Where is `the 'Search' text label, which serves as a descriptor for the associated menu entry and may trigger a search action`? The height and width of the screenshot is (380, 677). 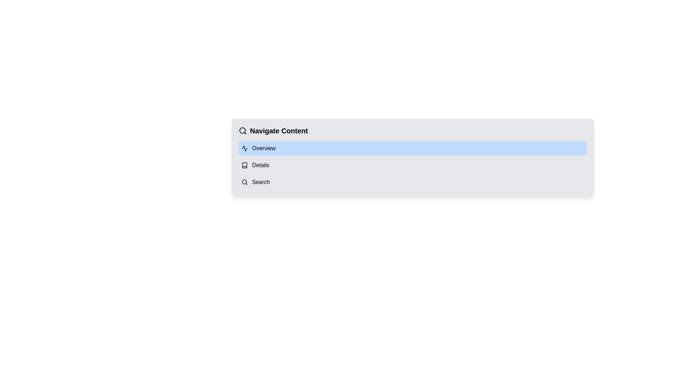
the 'Search' text label, which serves as a descriptor for the associated menu entry and may trigger a search action is located at coordinates (261, 182).